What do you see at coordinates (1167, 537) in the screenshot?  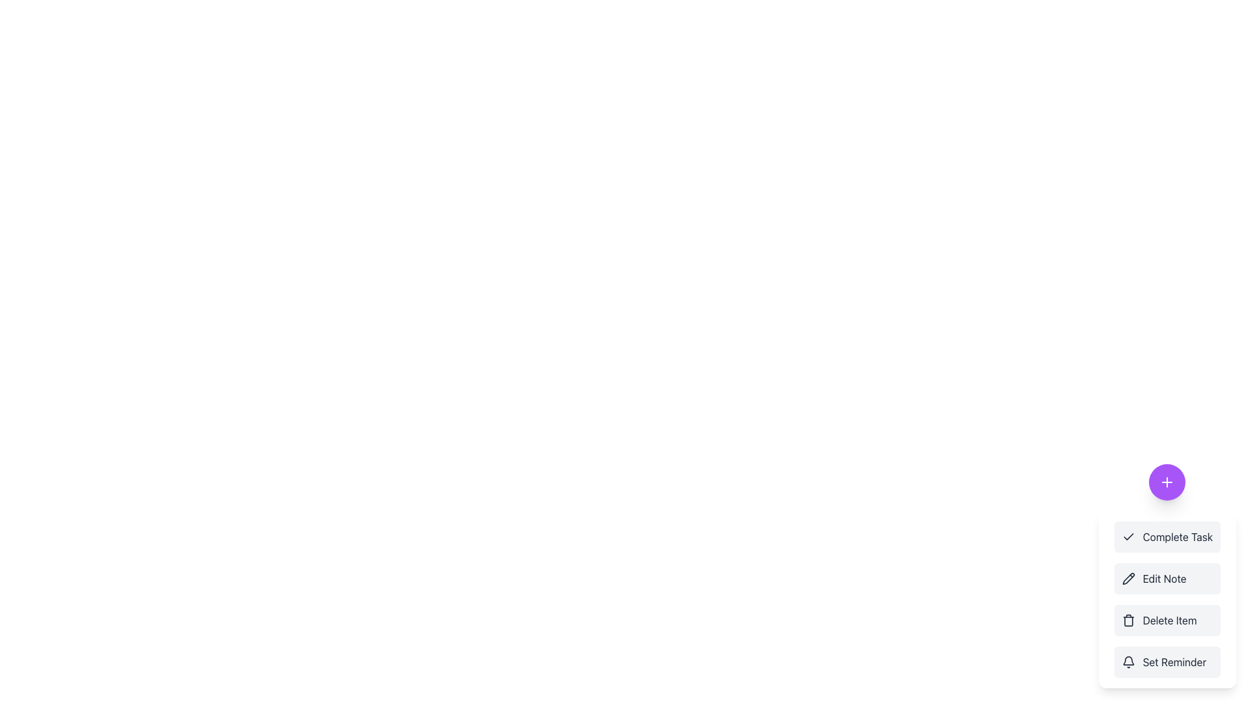 I see `the 'Complete Task' button, which has a light gray background and darker gray text` at bounding box center [1167, 537].